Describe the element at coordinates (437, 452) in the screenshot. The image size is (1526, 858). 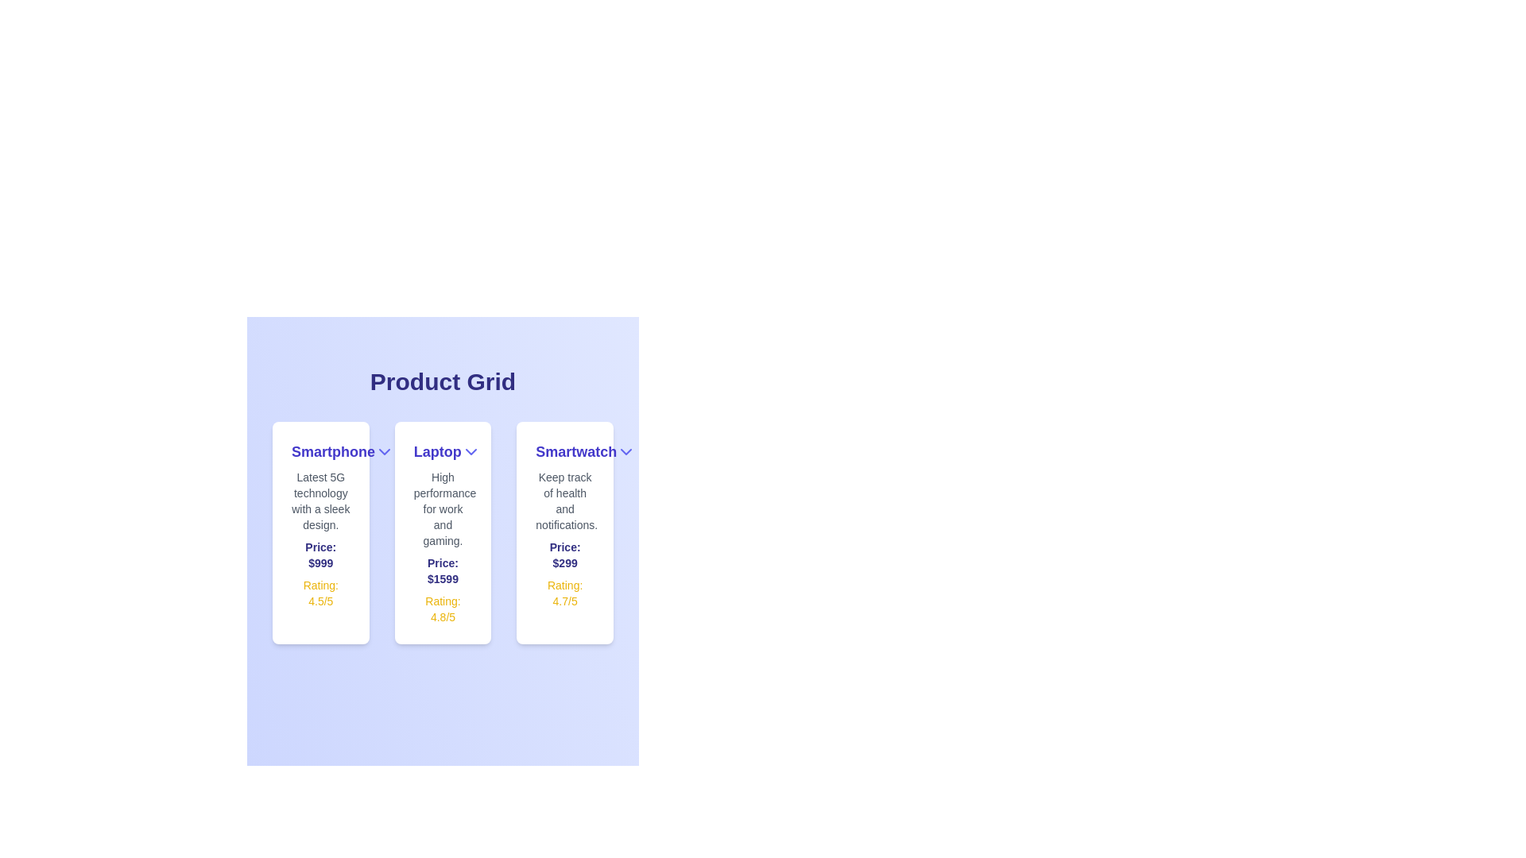
I see `text content of the 'Laptop' label, which is displayed in bold purple font at the top of the second card in the 'Product Grid'` at that location.